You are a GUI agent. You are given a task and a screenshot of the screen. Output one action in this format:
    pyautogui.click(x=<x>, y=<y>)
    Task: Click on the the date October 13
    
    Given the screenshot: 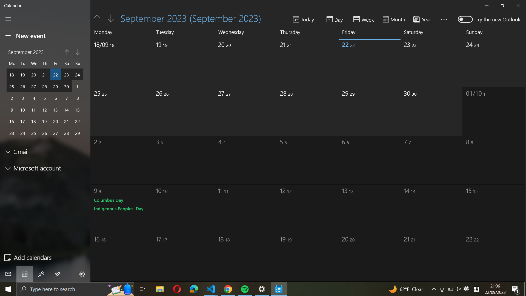 What is the action you would take?
    pyautogui.click(x=362, y=206)
    